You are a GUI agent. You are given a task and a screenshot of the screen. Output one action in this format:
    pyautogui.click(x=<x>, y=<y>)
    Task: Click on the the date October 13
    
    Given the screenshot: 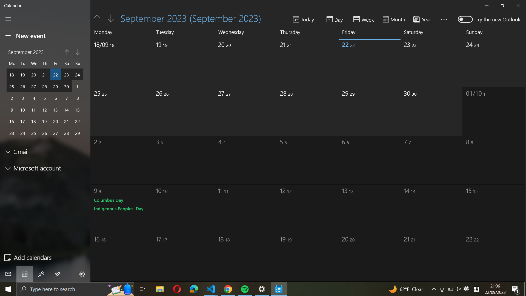 What is the action you would take?
    pyautogui.click(x=362, y=206)
    